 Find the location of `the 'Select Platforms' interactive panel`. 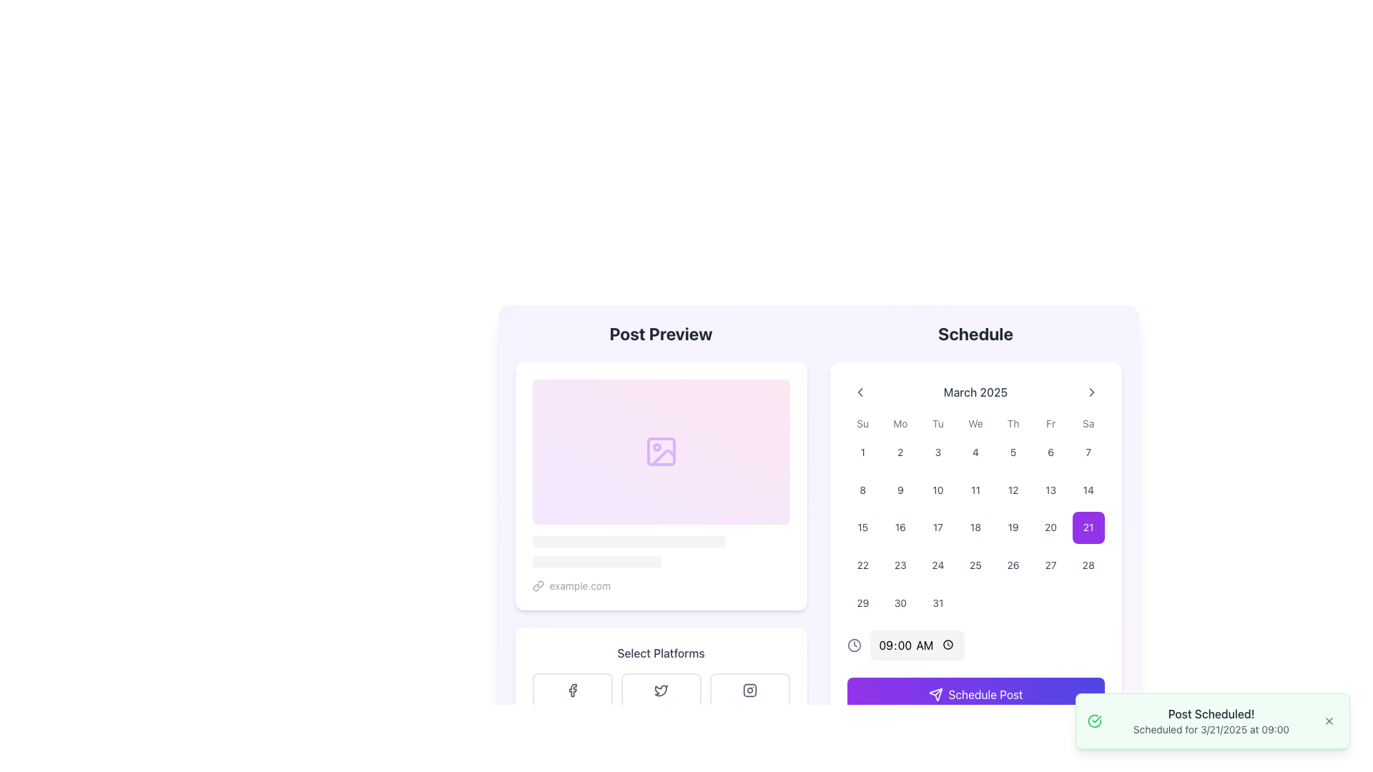

the 'Select Platforms' interactive panel is located at coordinates (660, 675).